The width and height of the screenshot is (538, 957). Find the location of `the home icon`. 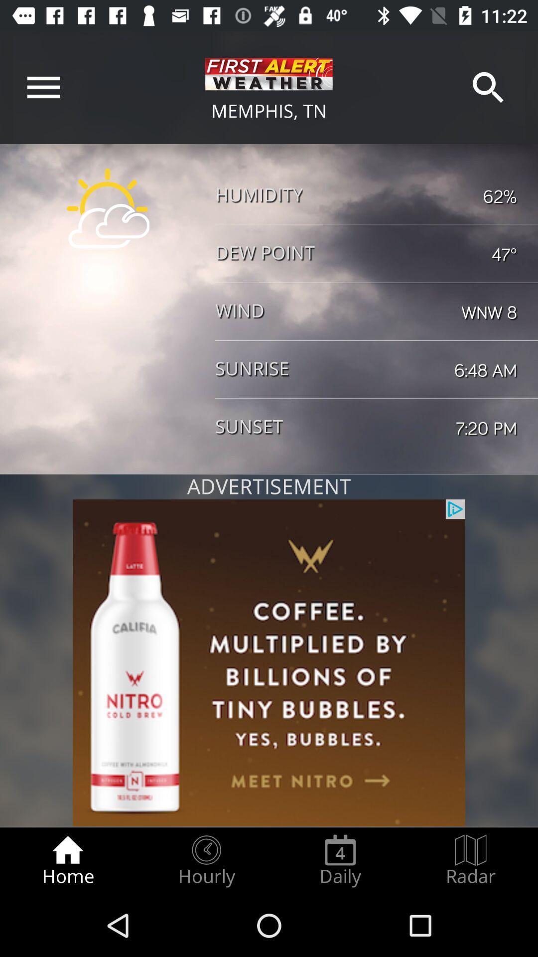

the home icon is located at coordinates (67, 860).